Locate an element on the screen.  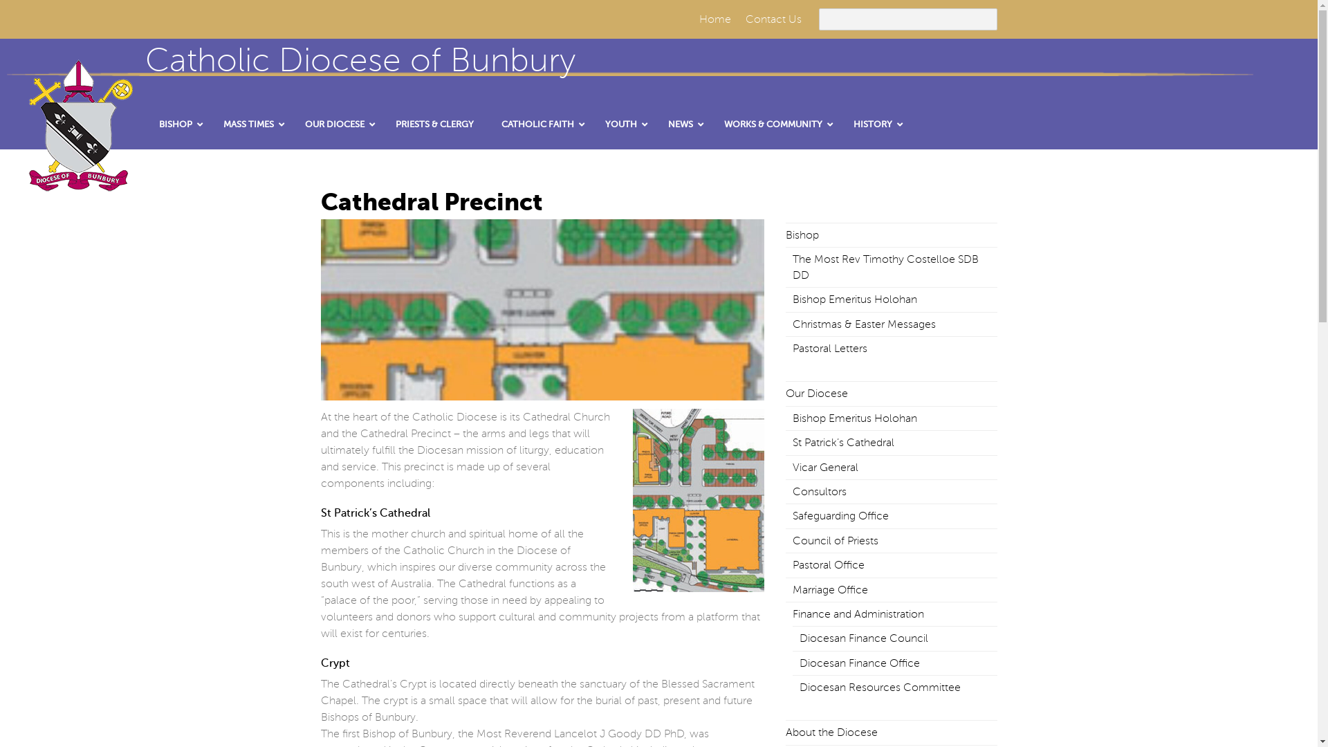
'NEWS' is located at coordinates (682, 123).